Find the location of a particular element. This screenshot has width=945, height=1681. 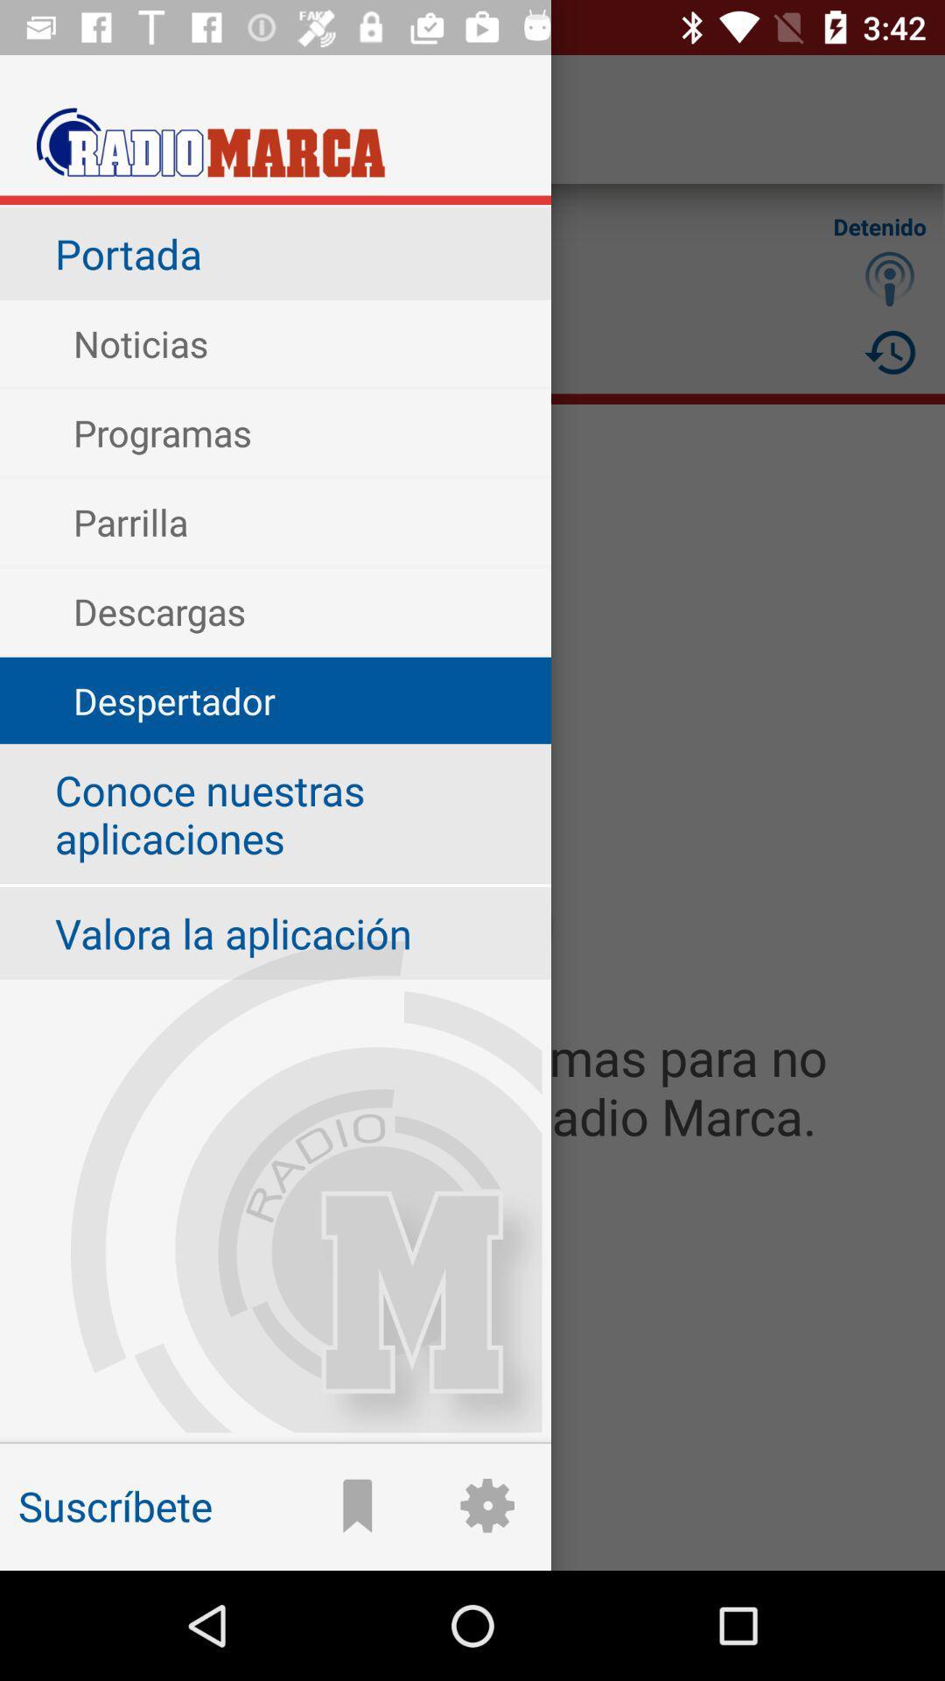

the settings icon is located at coordinates (472, 1469).